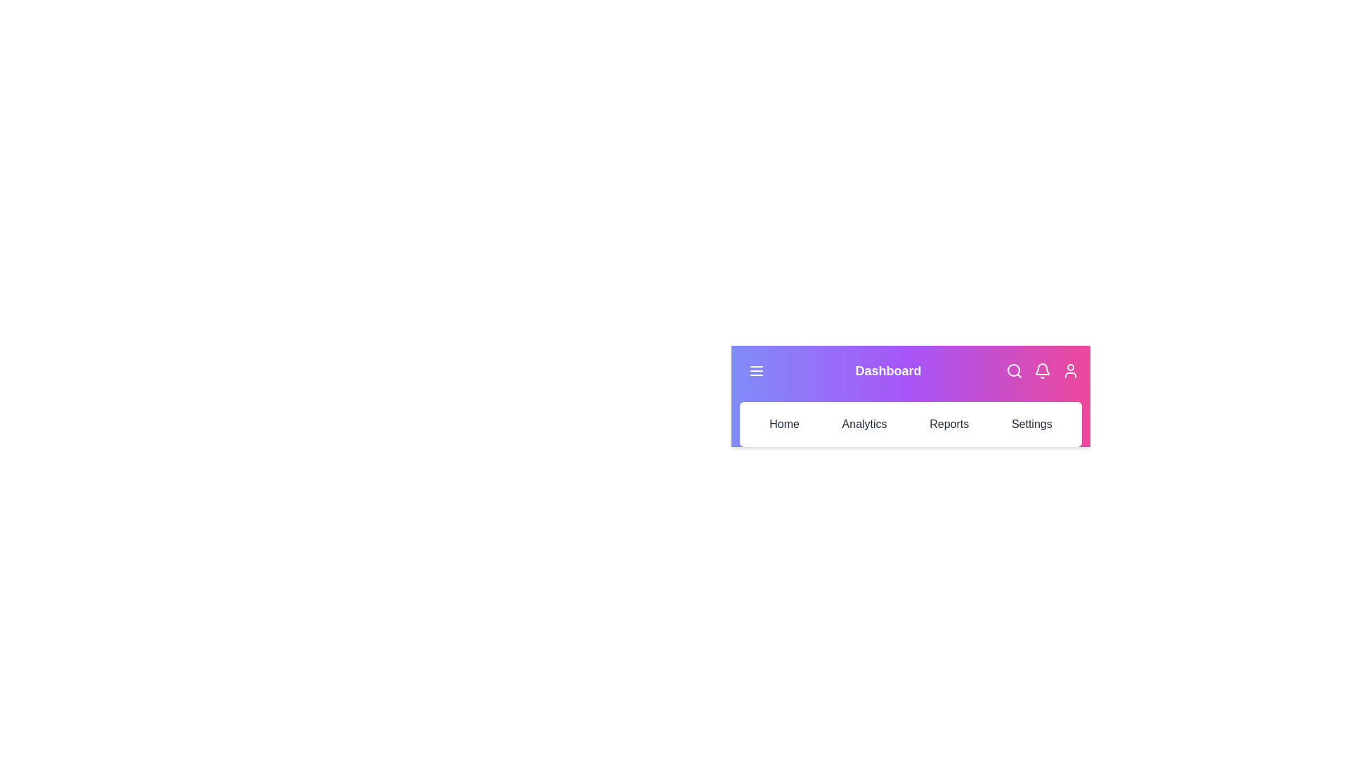 The image size is (1349, 759). What do you see at coordinates (1042, 370) in the screenshot?
I see `the bell icon to view notifications` at bounding box center [1042, 370].